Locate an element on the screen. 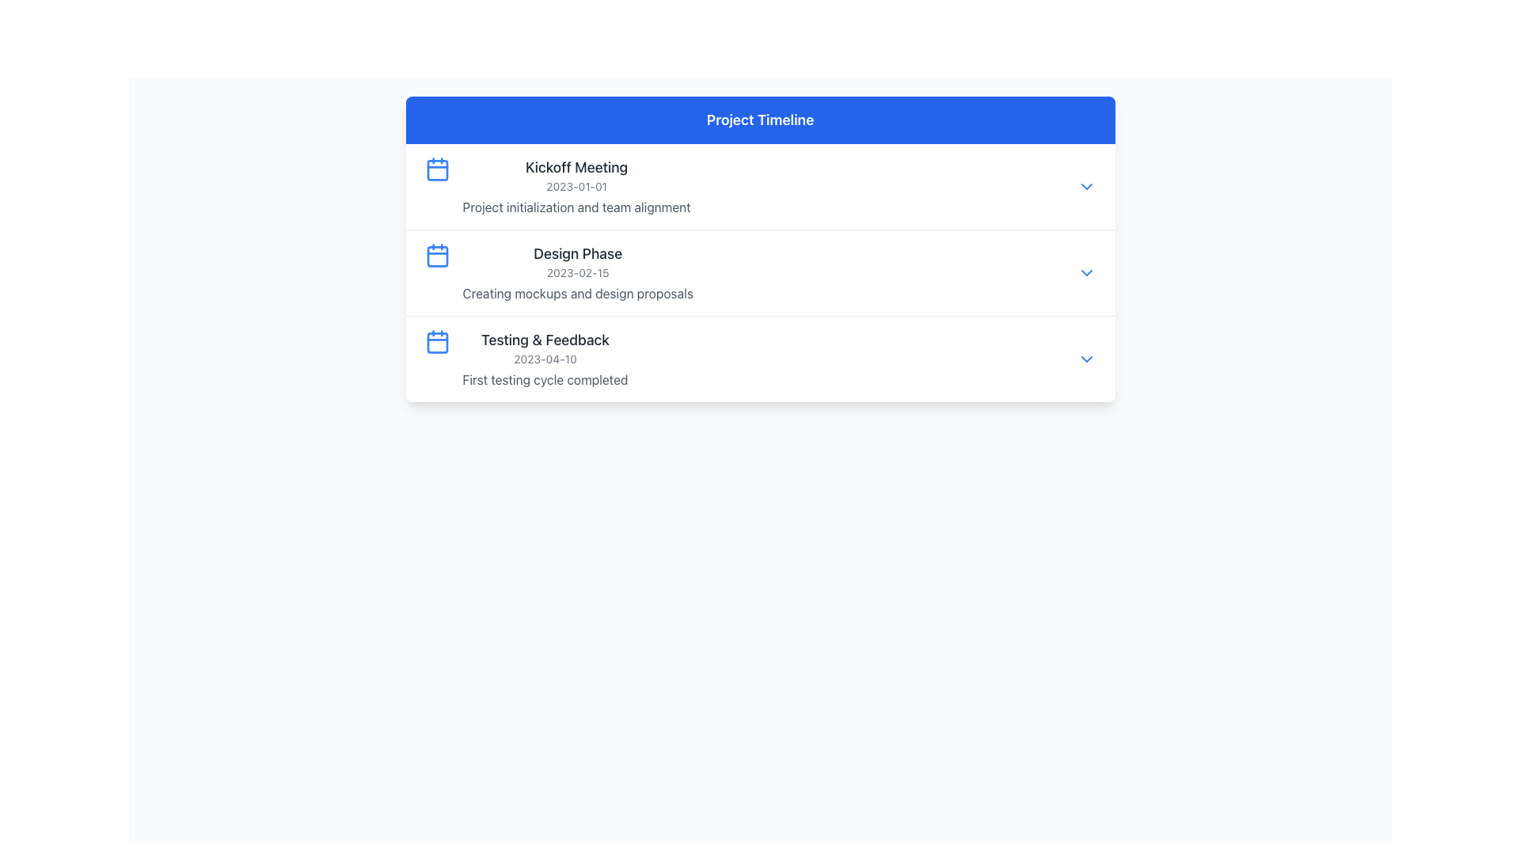  text details of the Card Content Section, which is the second item in the vertical timeline layout, positioned between 'Kickoff Meeting' and 'Testing & Feedback' is located at coordinates (559, 272).